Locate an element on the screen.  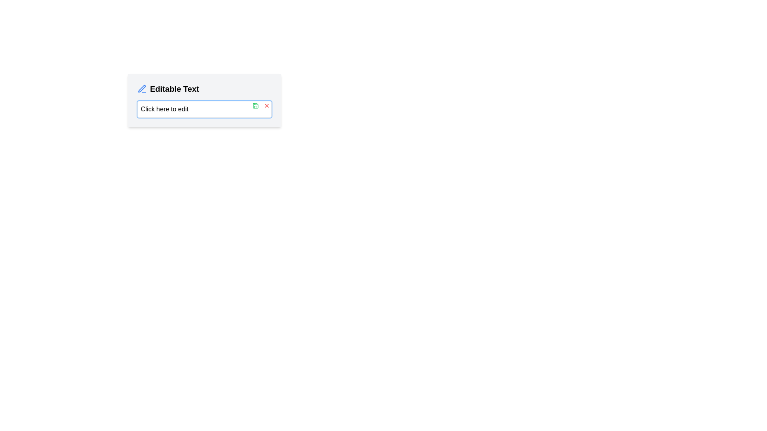
the cancel icon located in the icon group adjacent to the editable text input field labeled 'Click here is located at coordinates (261, 105).